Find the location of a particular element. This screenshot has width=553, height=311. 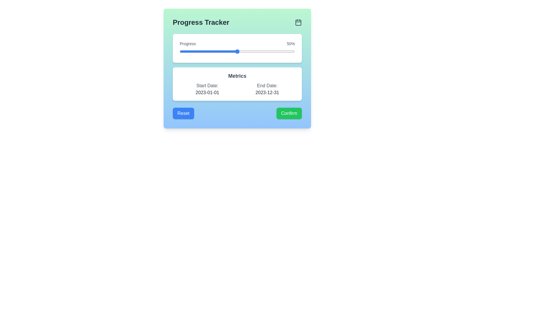

the slider value is located at coordinates (238, 51).